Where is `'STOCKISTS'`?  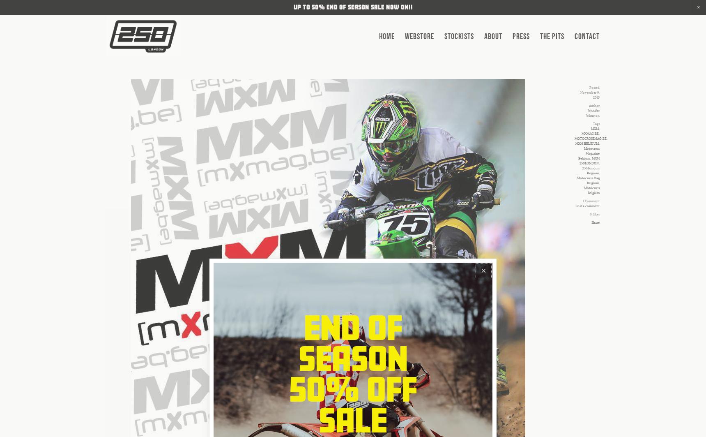
'STOCKISTS' is located at coordinates (458, 36).